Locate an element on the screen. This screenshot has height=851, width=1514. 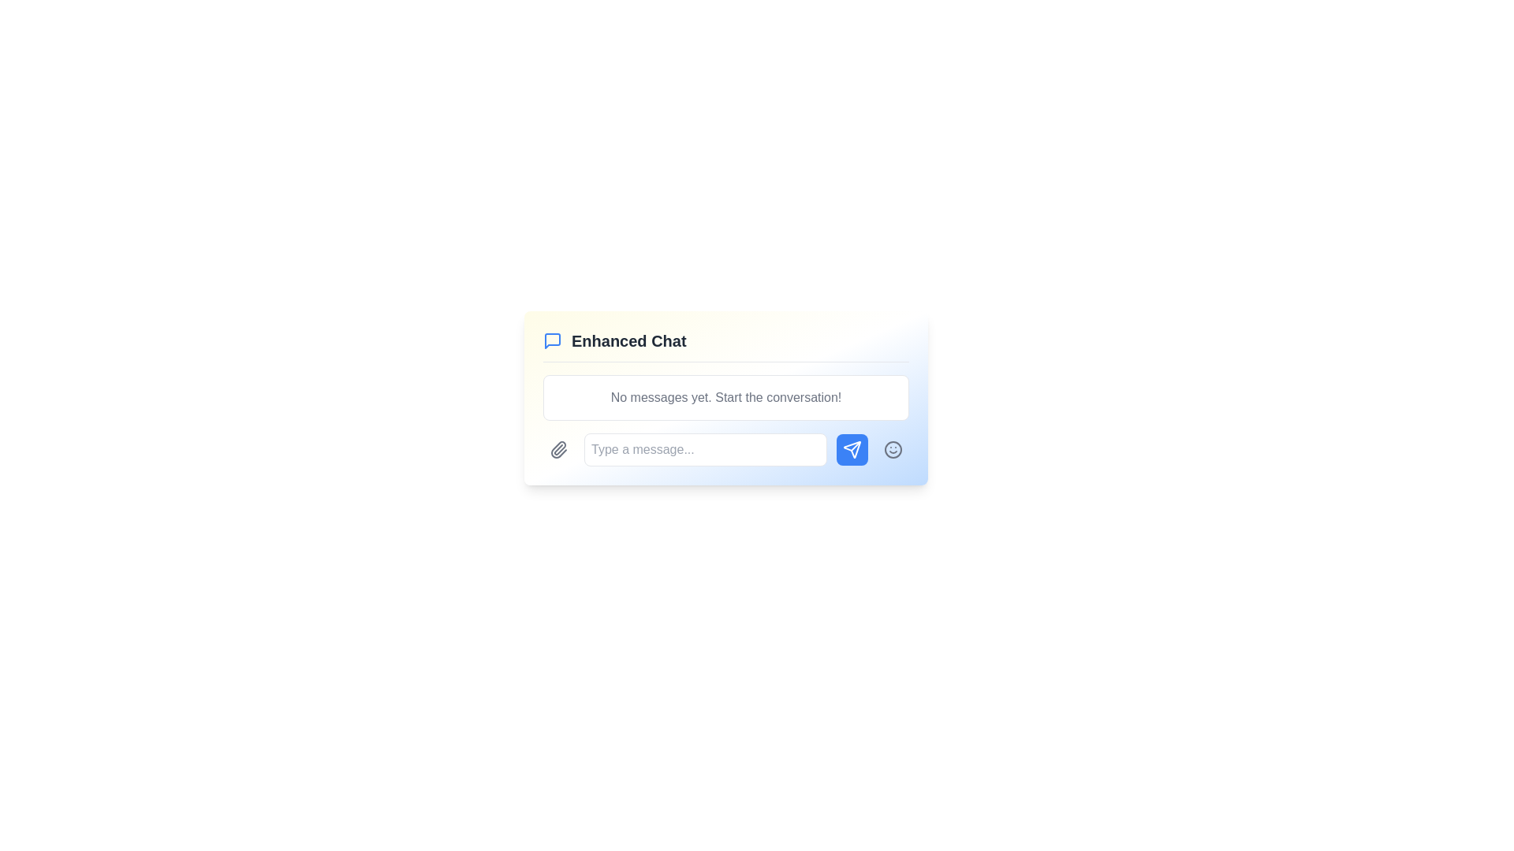
the paperclip icon button, which is gray and changes is located at coordinates (559, 449).